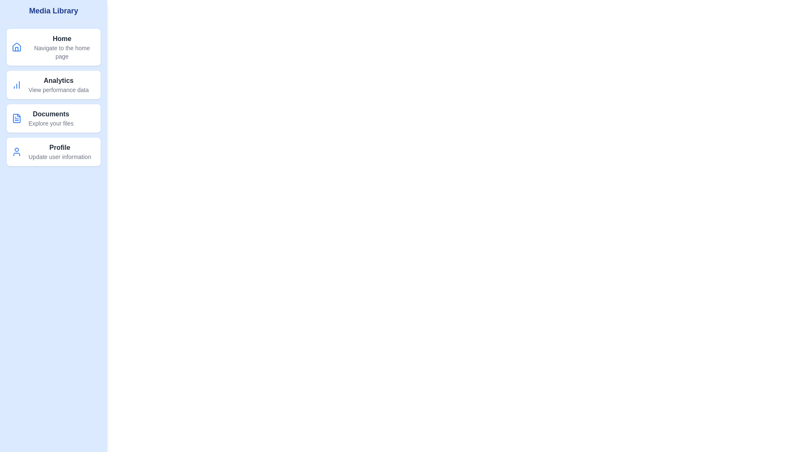 This screenshot has width=805, height=452. What do you see at coordinates (53, 152) in the screenshot?
I see `the menu item Profile from the Media Library Drawer` at bounding box center [53, 152].